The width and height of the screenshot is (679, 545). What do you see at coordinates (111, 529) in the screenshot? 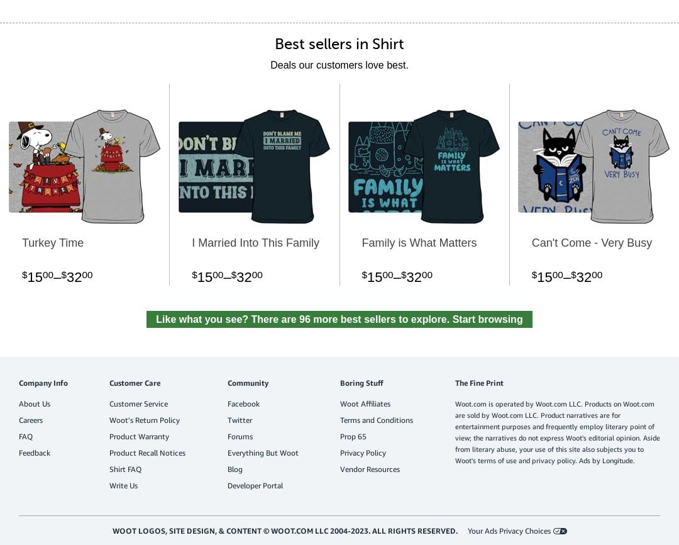
I see `'Woot logos, site design, & content © Woot.com LLC 2004-2023. All Rights Reserved.'` at bounding box center [111, 529].